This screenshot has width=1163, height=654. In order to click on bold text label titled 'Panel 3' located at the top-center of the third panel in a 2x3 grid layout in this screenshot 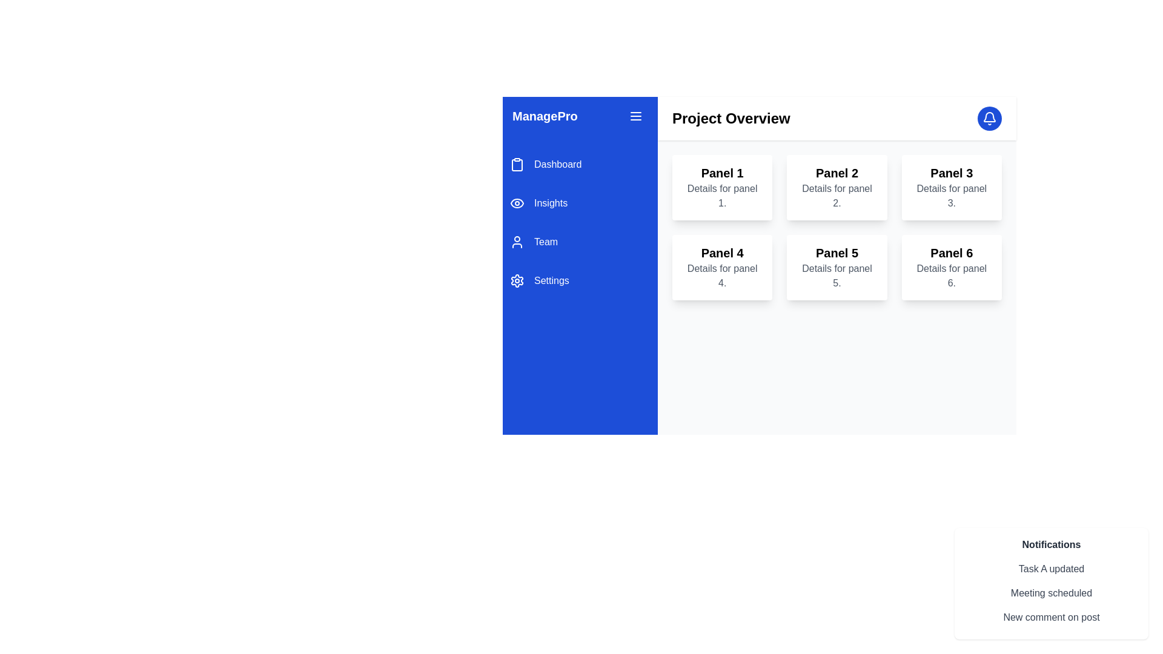, I will do `click(951, 173)`.